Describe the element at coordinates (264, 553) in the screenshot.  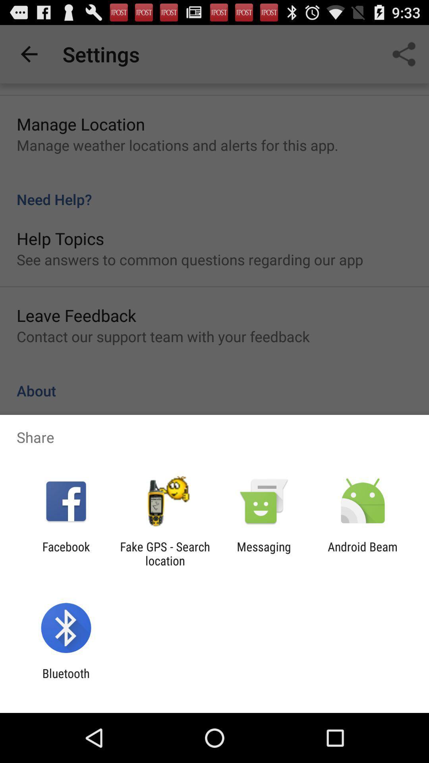
I see `item to the left of the android beam item` at that location.